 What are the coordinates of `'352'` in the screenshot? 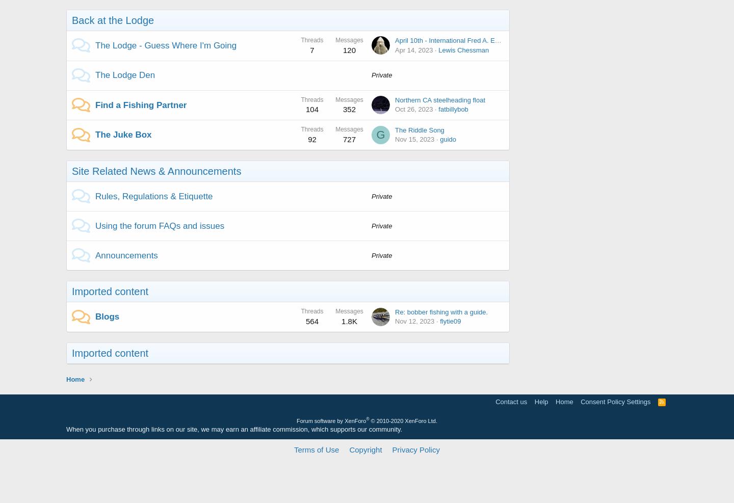 It's located at (349, 109).